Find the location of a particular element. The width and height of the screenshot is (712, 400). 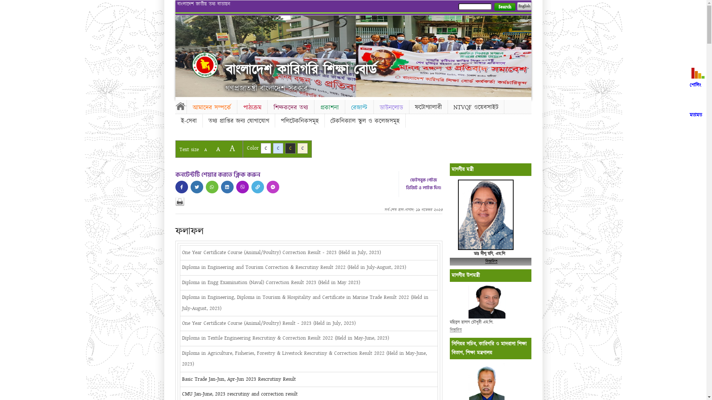

'C' is located at coordinates (284, 148).